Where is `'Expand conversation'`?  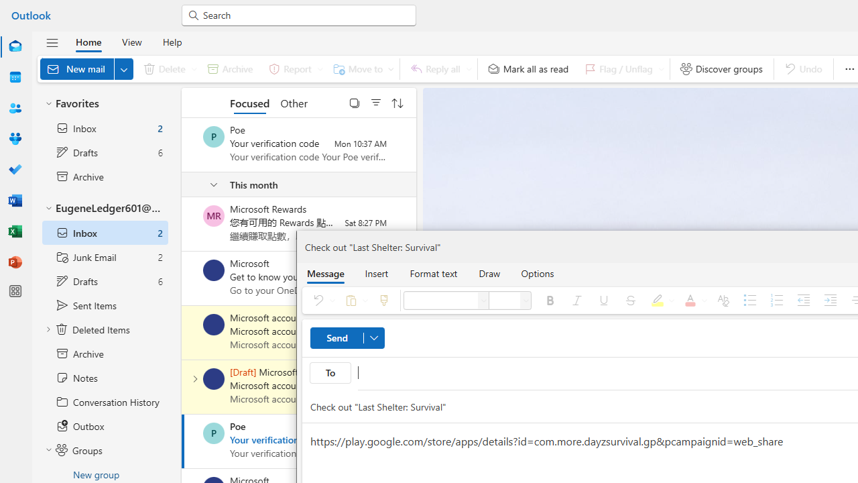
'Expand conversation' is located at coordinates (194, 378).